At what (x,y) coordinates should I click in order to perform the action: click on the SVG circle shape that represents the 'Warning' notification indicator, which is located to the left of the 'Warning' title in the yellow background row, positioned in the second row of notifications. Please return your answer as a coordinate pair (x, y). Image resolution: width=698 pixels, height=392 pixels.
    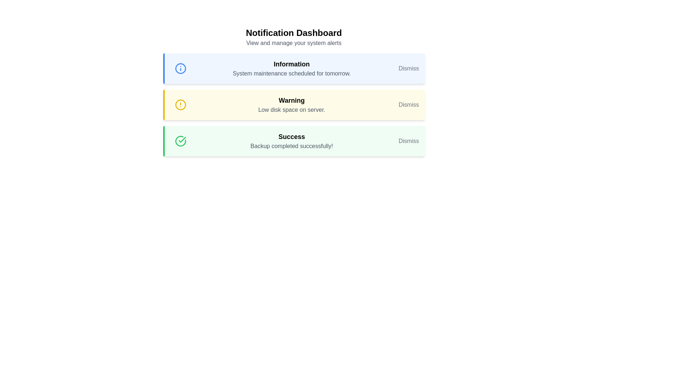
    Looking at the image, I should click on (180, 105).